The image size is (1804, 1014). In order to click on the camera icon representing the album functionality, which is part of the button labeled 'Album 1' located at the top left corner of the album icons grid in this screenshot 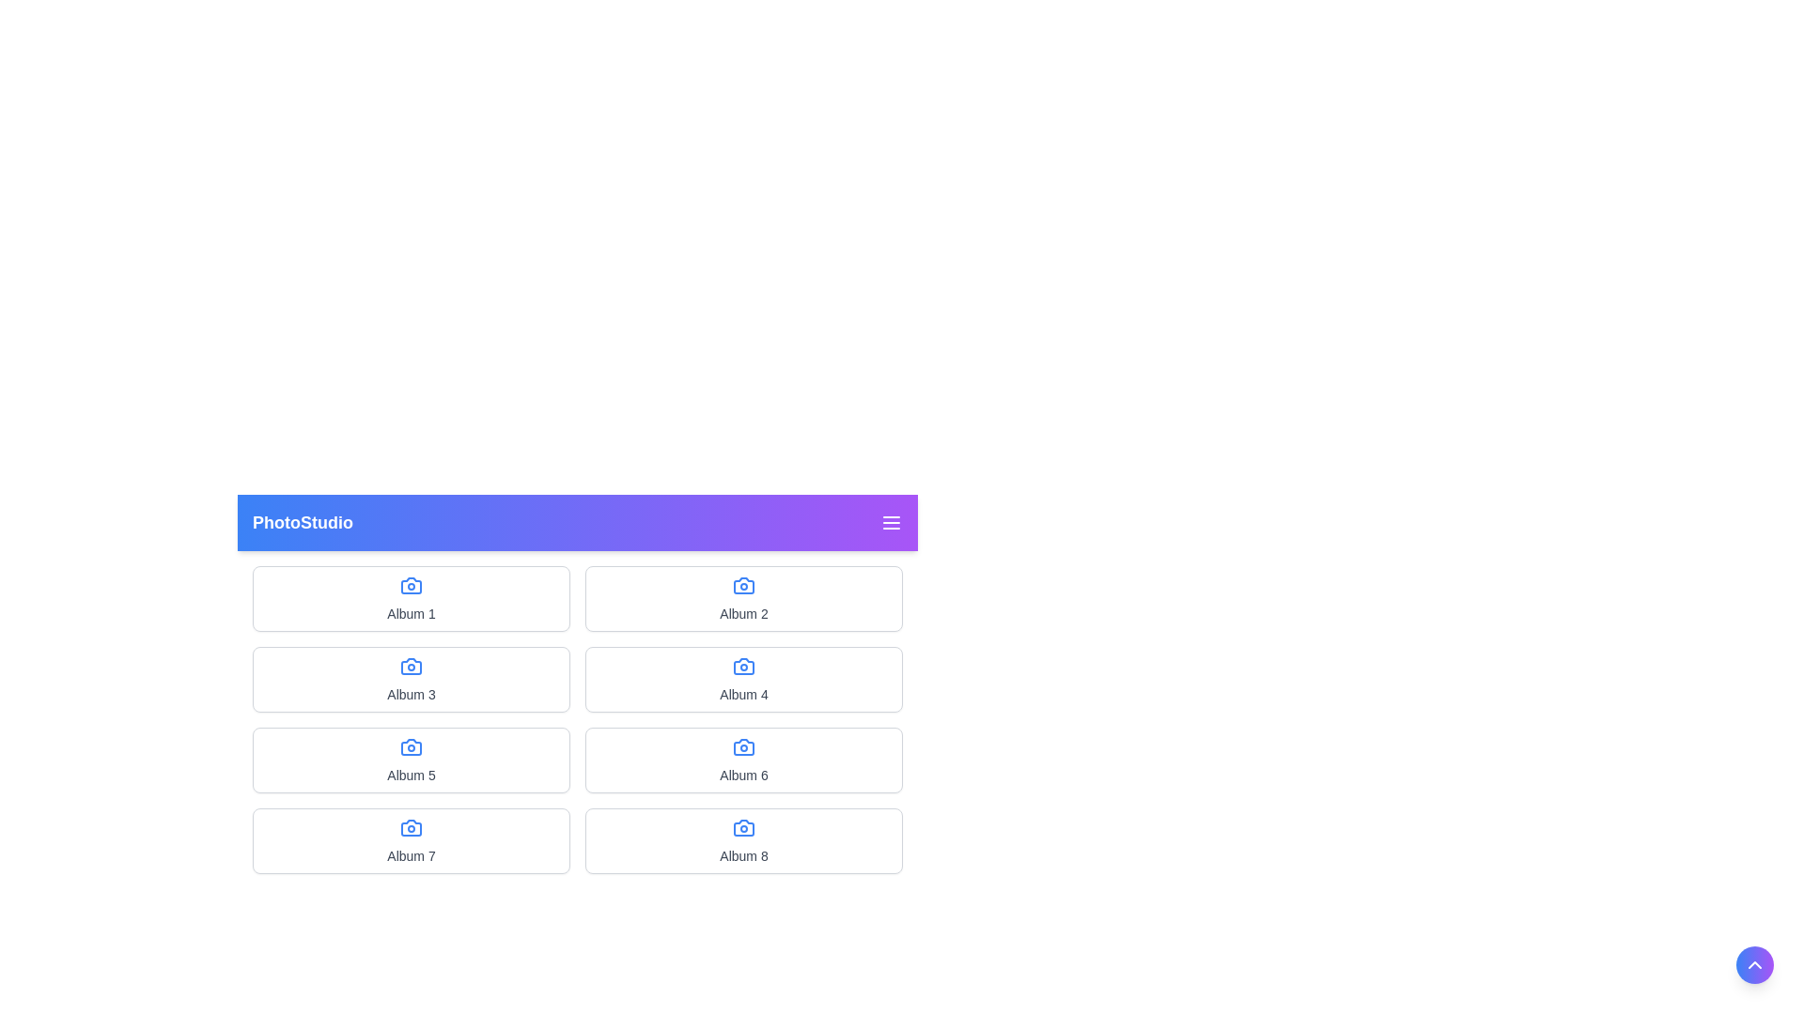, I will do `click(410, 585)`.